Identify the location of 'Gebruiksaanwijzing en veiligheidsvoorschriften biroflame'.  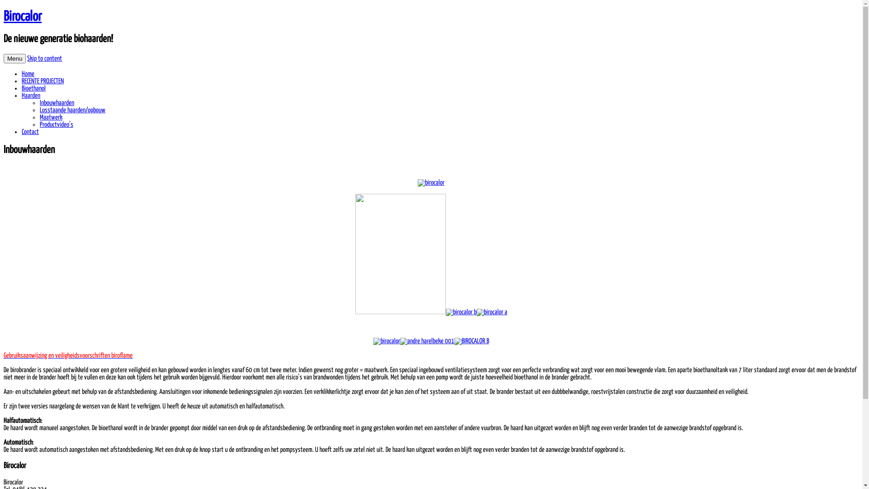
(67, 355).